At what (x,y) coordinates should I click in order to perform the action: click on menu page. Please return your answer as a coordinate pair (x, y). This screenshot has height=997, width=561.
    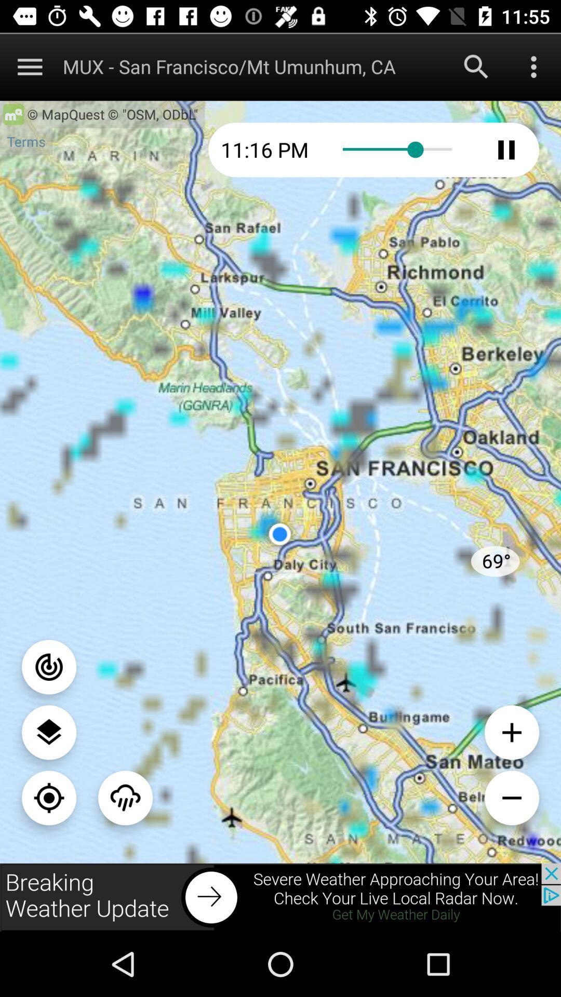
    Looking at the image, I should click on (49, 732).